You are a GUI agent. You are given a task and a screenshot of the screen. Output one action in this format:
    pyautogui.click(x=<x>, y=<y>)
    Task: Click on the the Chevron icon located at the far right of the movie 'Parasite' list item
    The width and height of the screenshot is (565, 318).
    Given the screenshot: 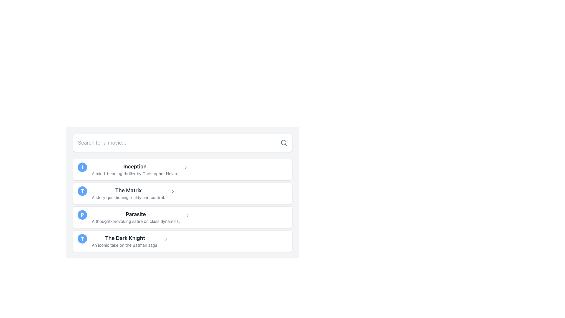 What is the action you would take?
    pyautogui.click(x=187, y=216)
    